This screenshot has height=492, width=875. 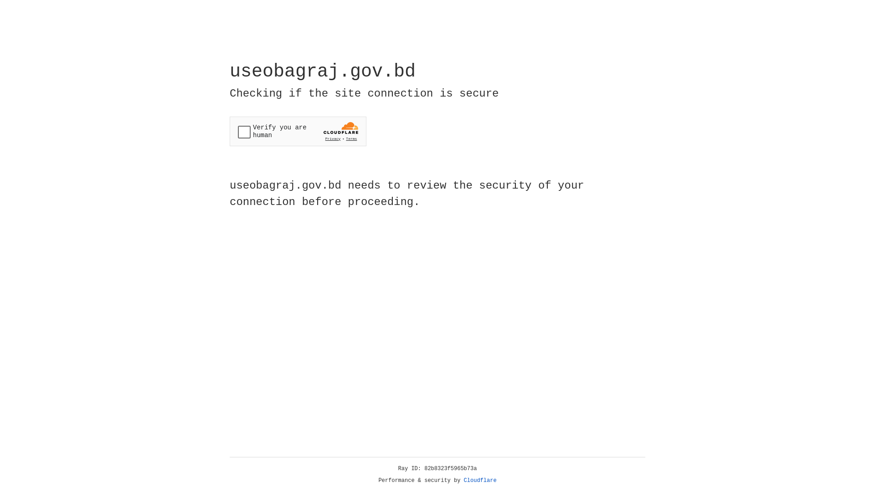 I want to click on 'Cloudflare', so click(x=480, y=480).